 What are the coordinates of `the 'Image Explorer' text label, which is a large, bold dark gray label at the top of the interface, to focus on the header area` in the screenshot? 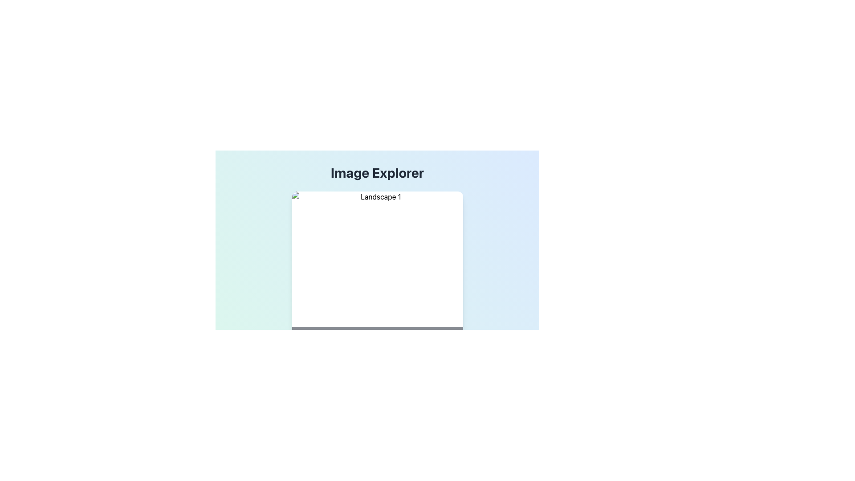 It's located at (377, 173).